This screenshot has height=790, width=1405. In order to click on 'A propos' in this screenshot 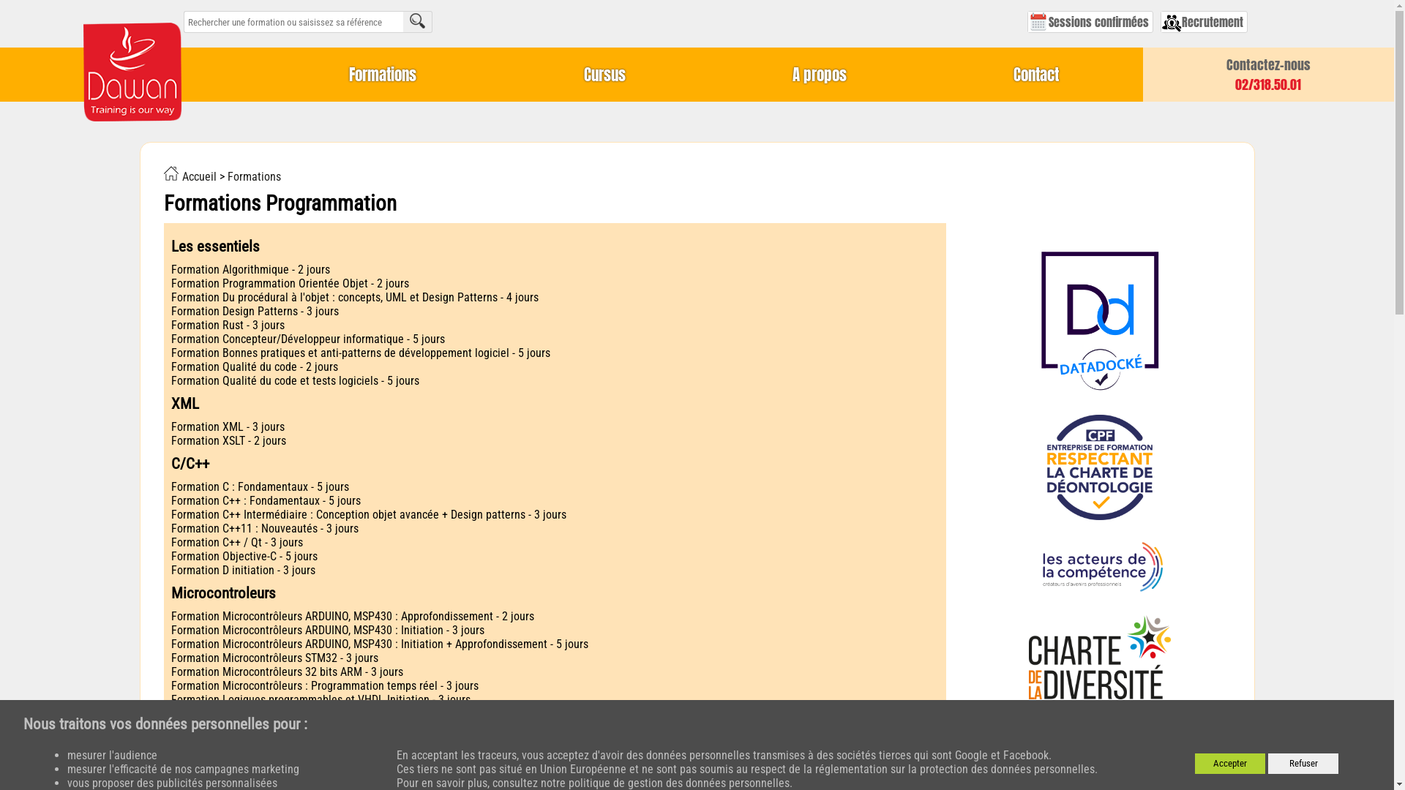, I will do `click(776, 74)`.